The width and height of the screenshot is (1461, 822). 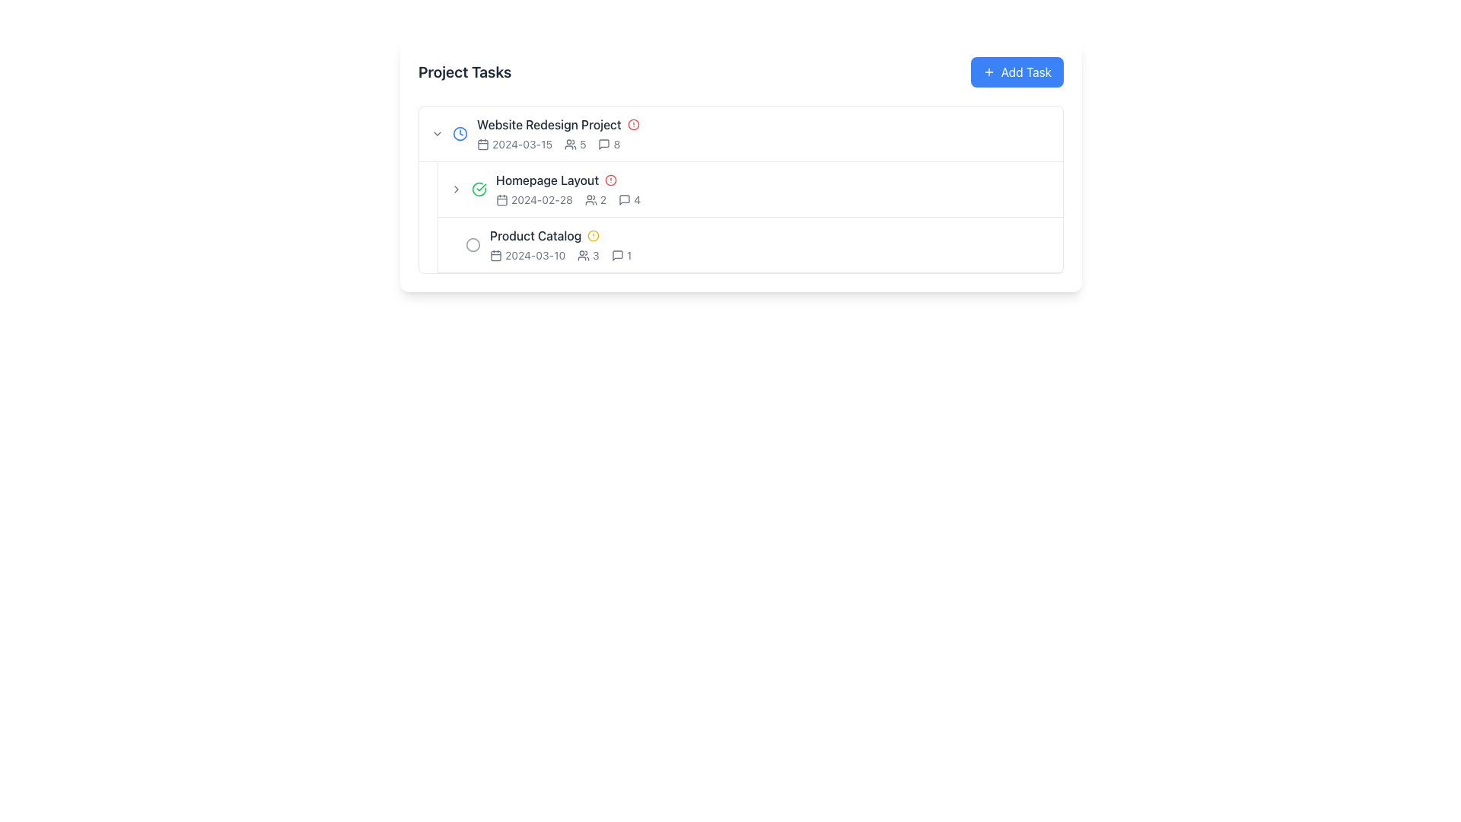 What do you see at coordinates (741, 189) in the screenshot?
I see `the list item row labeled 'Homepage Layout'` at bounding box center [741, 189].